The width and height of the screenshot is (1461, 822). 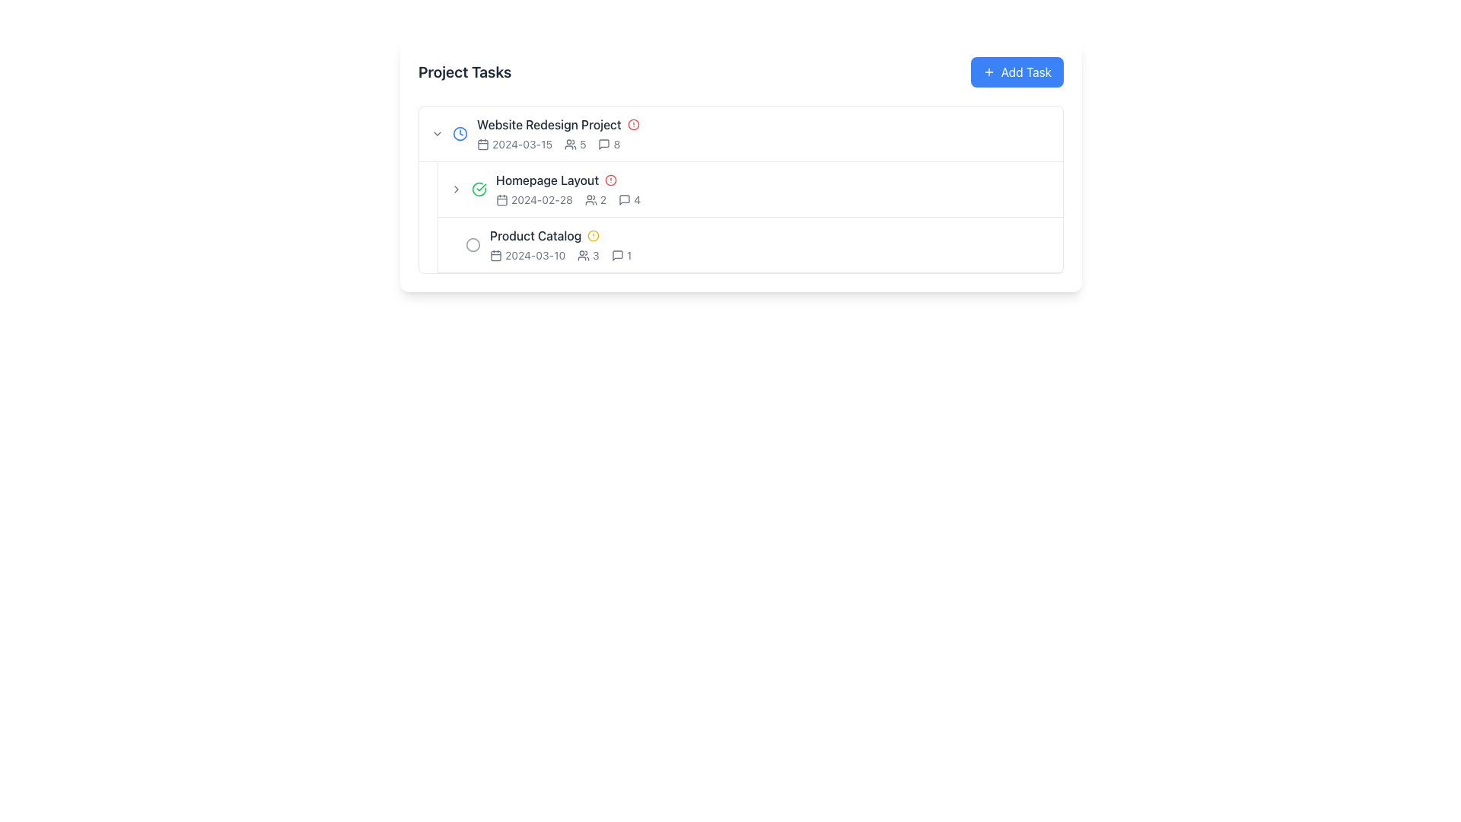 What do you see at coordinates (741, 189) in the screenshot?
I see `the list item row labeled 'Homepage Layout'` at bounding box center [741, 189].